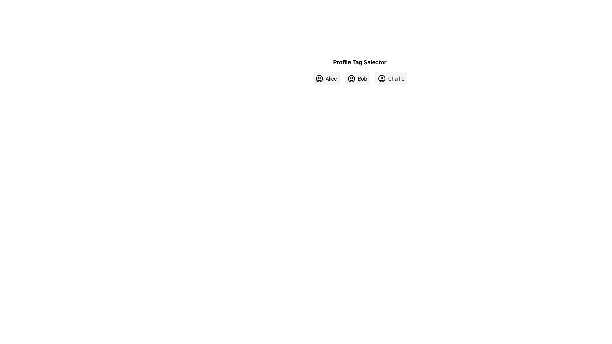 Image resolution: width=612 pixels, height=344 pixels. I want to click on the text label indicating the name 'Charlie', which is located at the rightmost position in the profile tag selector interface, so click(396, 78).